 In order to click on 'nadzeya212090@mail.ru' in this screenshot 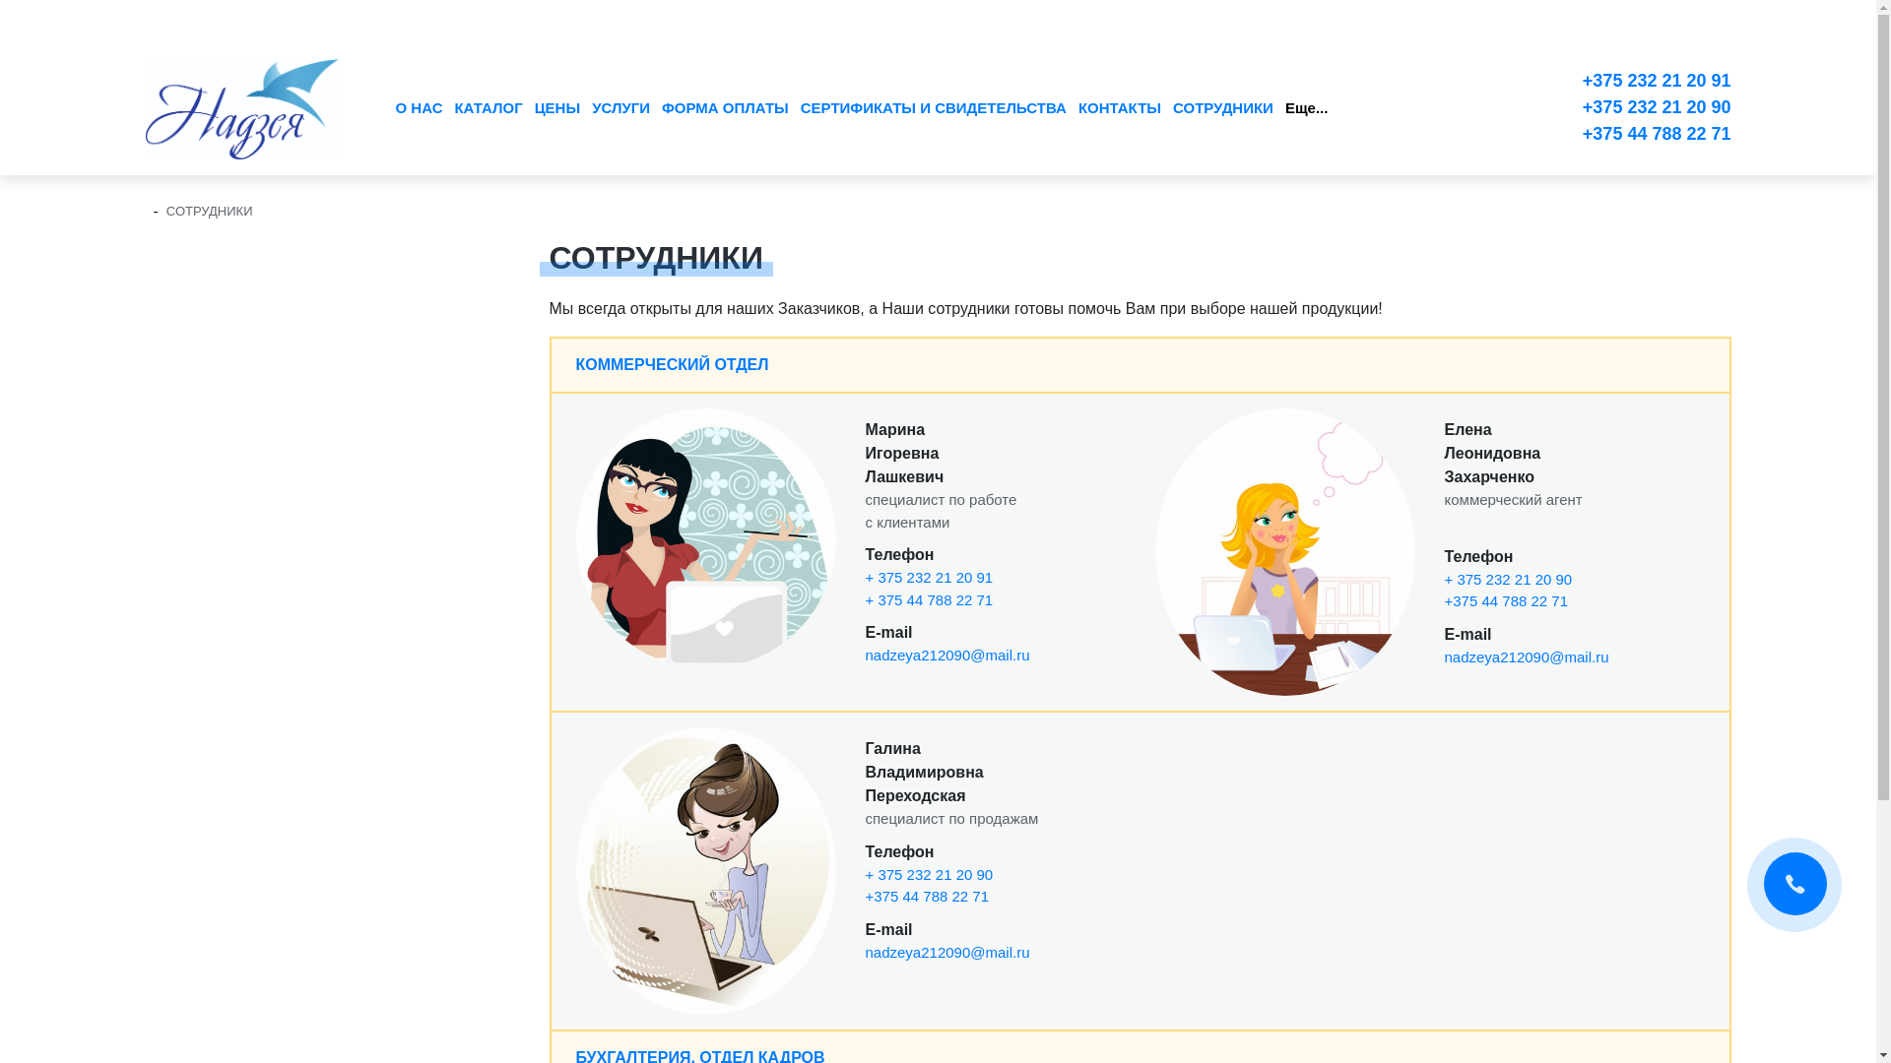, I will do `click(865, 951)`.